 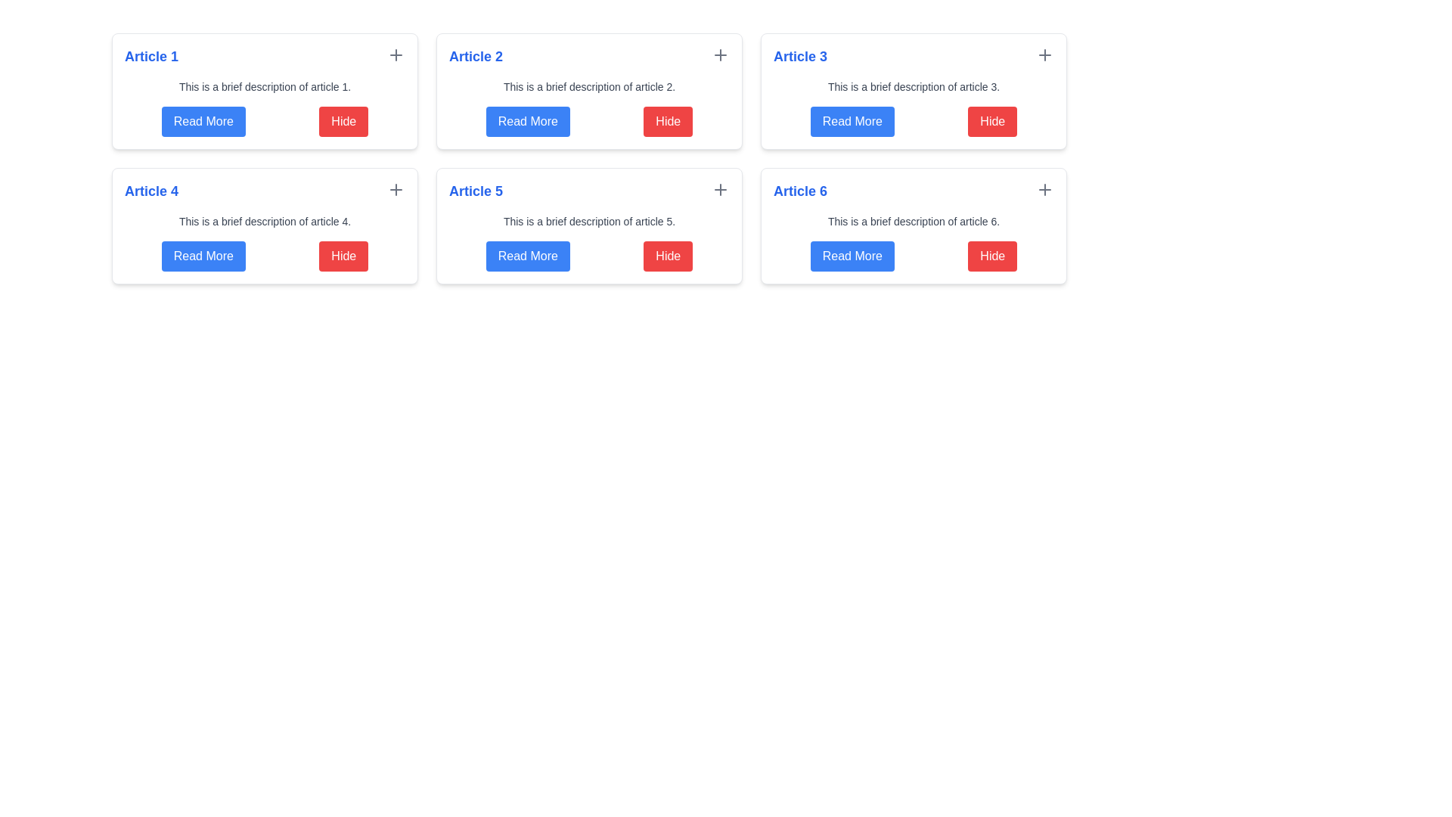 I want to click on the 'Hide' button in the button group located at the bottom of the card for 'Article 3', so click(x=913, y=121).